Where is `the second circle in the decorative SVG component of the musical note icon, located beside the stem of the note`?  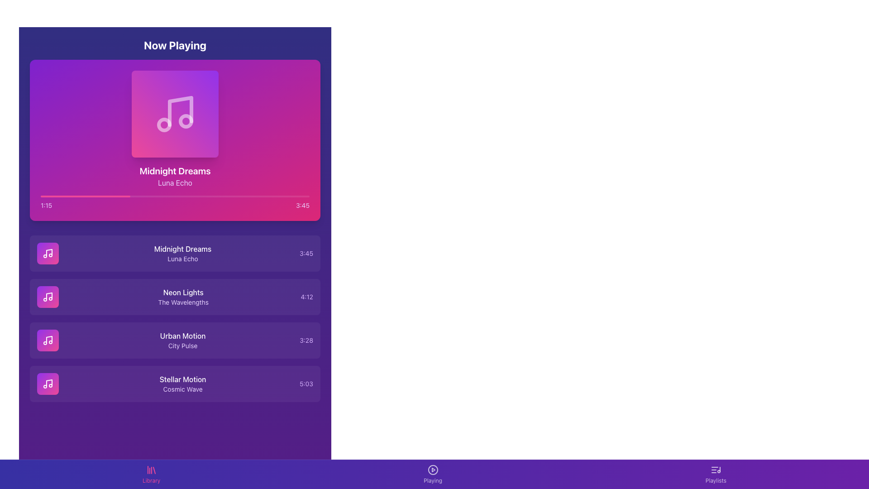
the second circle in the decorative SVG component of the musical note icon, located beside the stem of the note is located at coordinates (164, 125).